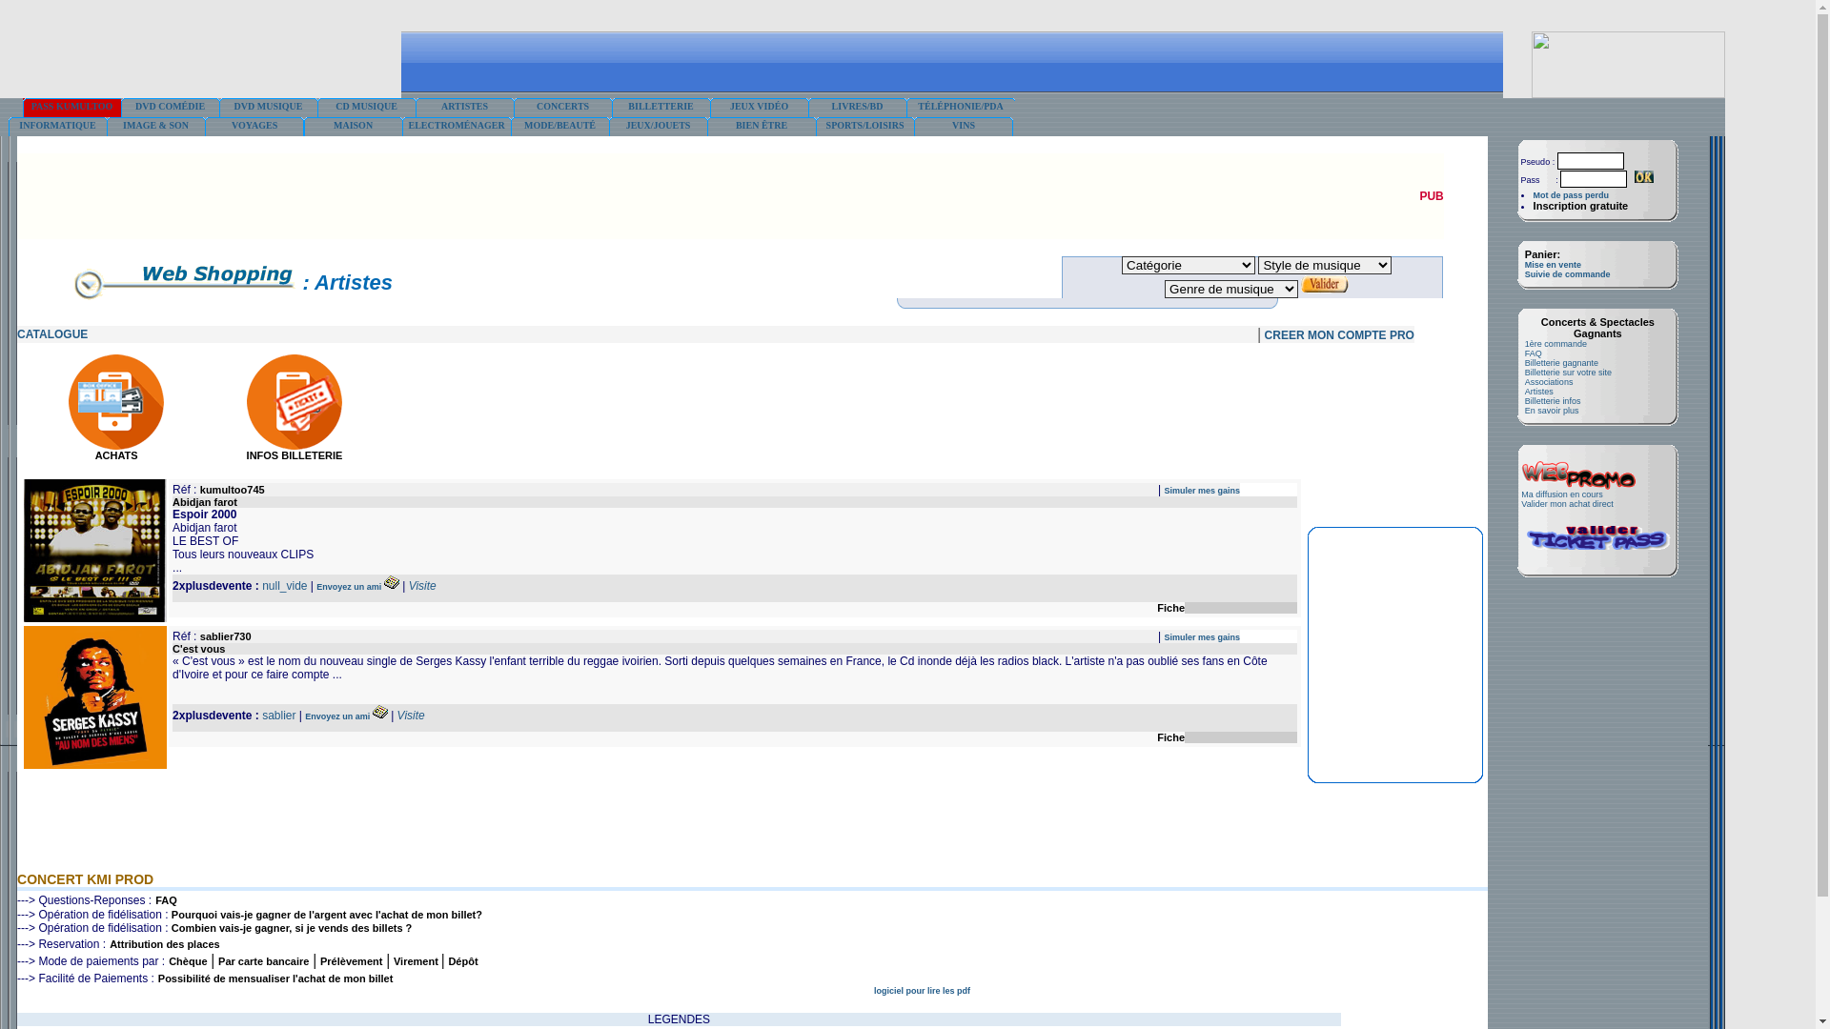 This screenshot has height=1029, width=1830. What do you see at coordinates (260, 584) in the screenshot?
I see `'null_vide'` at bounding box center [260, 584].